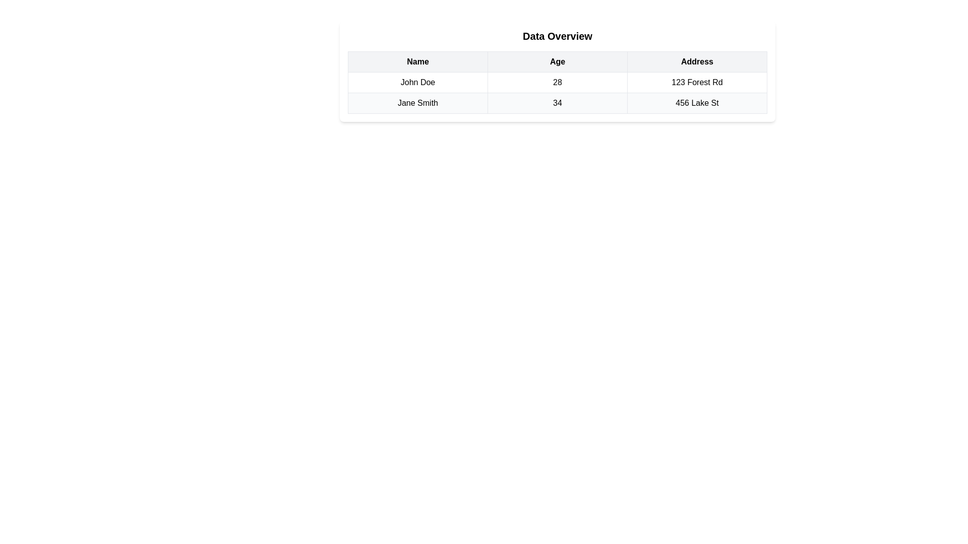  What do you see at coordinates (696, 62) in the screenshot?
I see `the Table Header Cell labeled 'Address', which is the third cell in the header row of the table with a light gray background and bold black font` at bounding box center [696, 62].